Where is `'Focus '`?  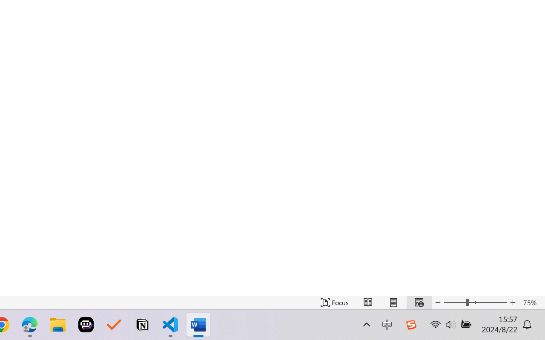
'Focus ' is located at coordinates (334, 302).